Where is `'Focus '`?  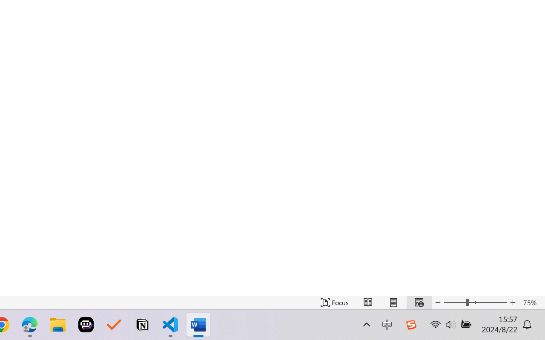
'Focus ' is located at coordinates (334, 302).